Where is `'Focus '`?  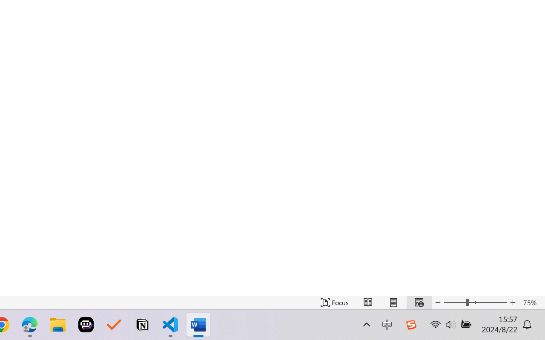
'Focus ' is located at coordinates (334, 302).